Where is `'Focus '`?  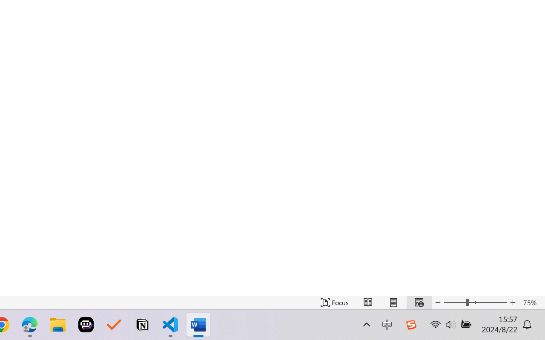
'Focus ' is located at coordinates (334, 302).